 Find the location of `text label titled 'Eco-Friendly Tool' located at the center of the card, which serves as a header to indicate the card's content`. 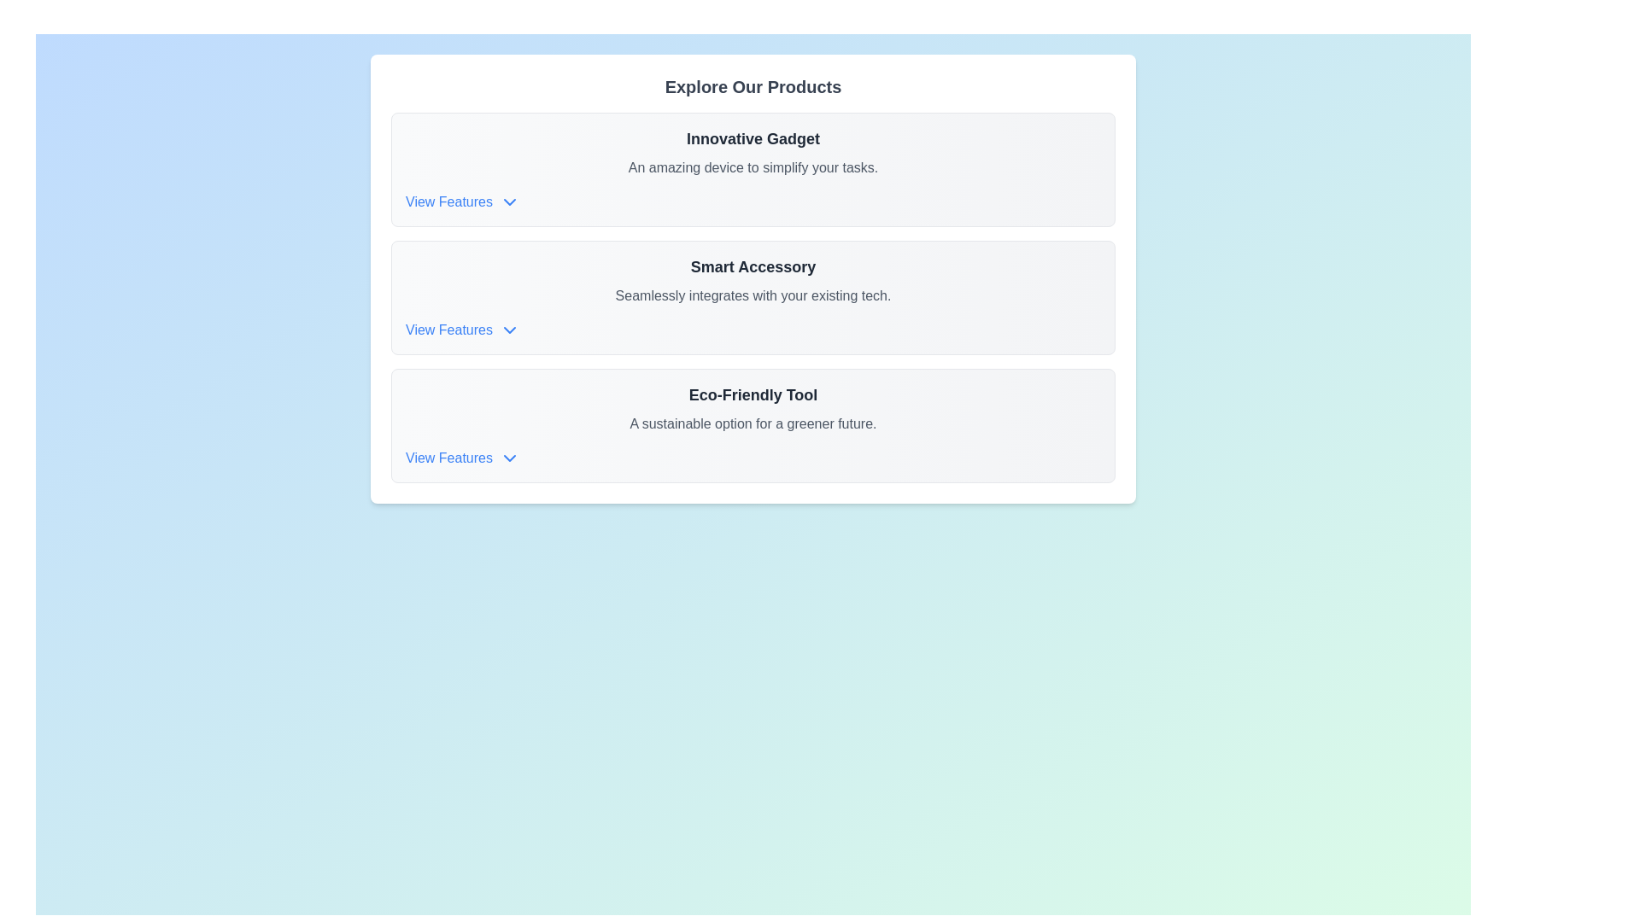

text label titled 'Eco-Friendly Tool' located at the center of the card, which serves as a header to indicate the card's content is located at coordinates (753, 394).